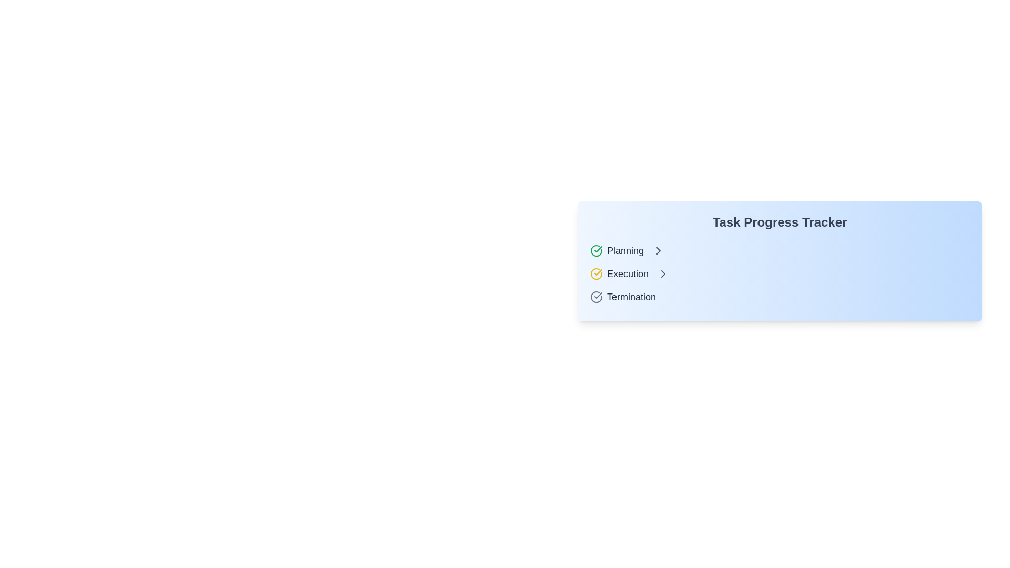 The width and height of the screenshot is (1010, 568). Describe the element at coordinates (780, 301) in the screenshot. I see `the task progress tracker card located` at that location.